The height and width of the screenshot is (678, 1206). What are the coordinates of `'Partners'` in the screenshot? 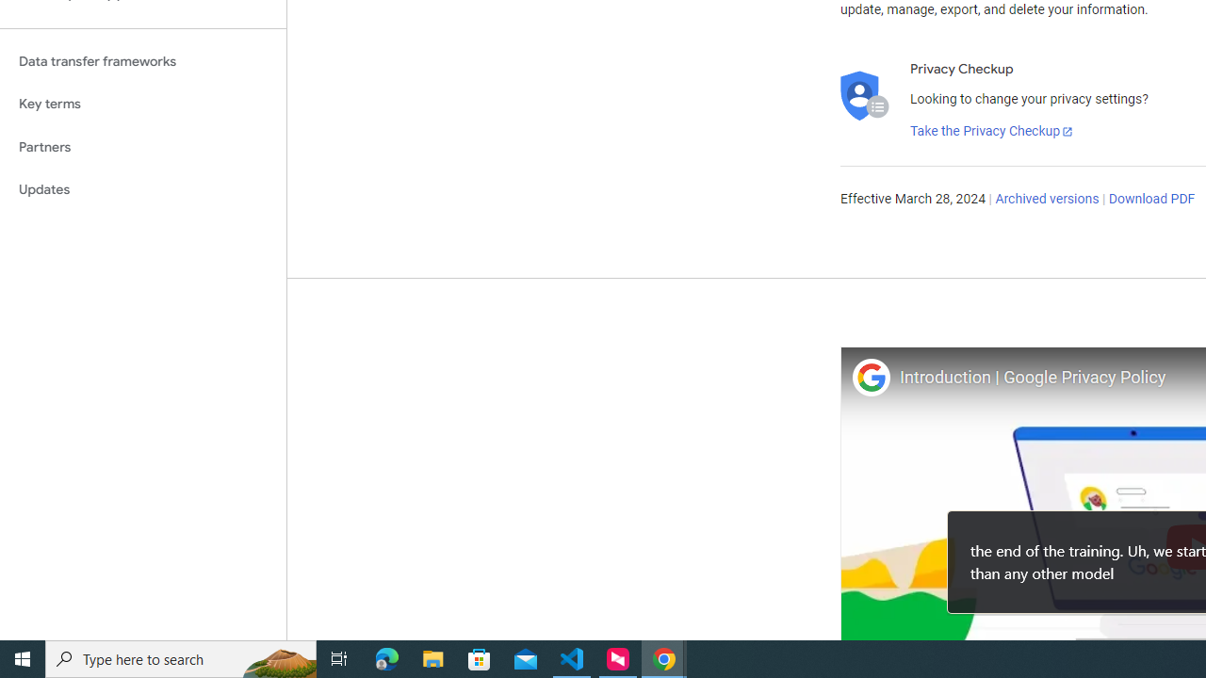 It's located at (142, 146).